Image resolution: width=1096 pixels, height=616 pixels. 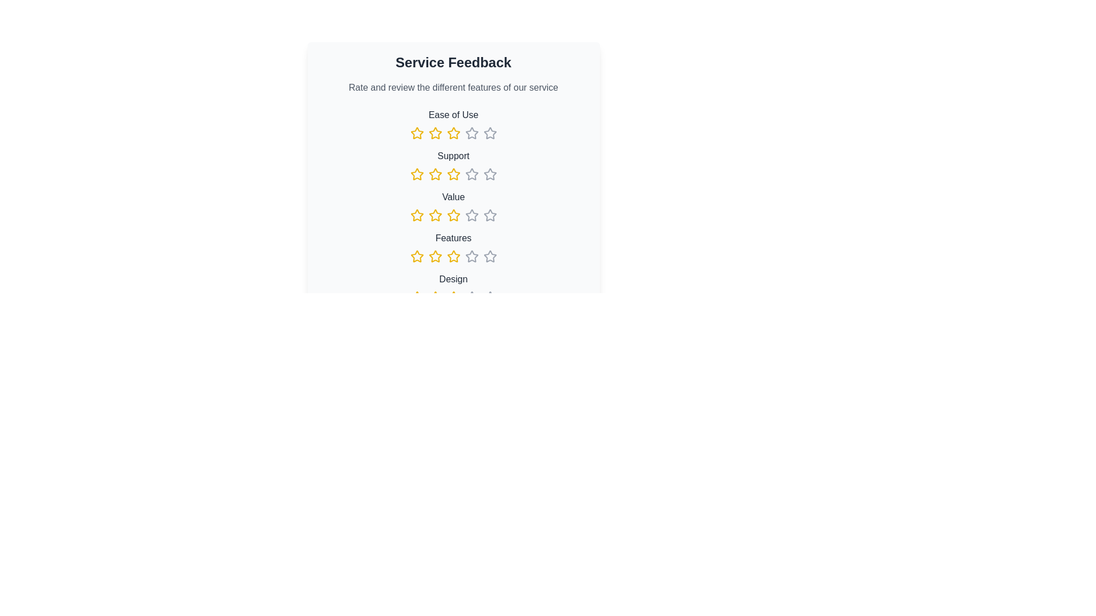 What do you see at coordinates (453, 257) in the screenshot?
I see `the fourth yellow hollow star icon in the 5-star rating section for the 'Features' evaluation to give a rating` at bounding box center [453, 257].